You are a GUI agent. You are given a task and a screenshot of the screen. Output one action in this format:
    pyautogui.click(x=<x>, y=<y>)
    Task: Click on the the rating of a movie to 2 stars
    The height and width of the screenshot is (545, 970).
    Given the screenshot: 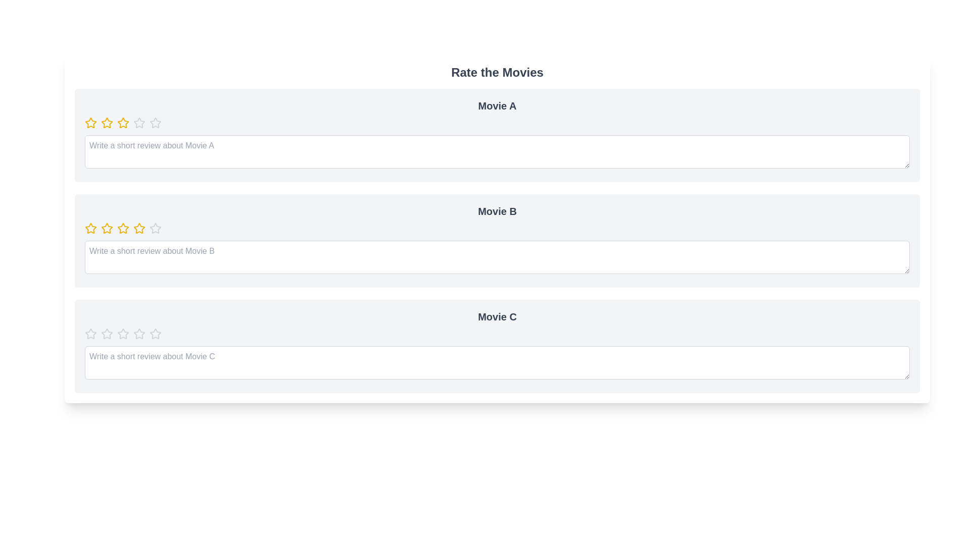 What is the action you would take?
    pyautogui.click(x=107, y=122)
    